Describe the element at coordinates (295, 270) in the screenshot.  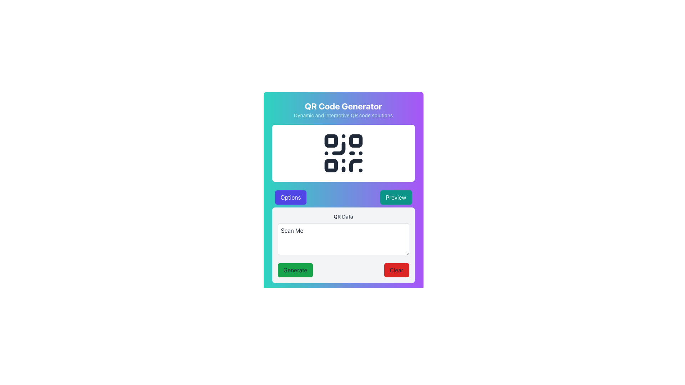
I see `the 'Generate' button, which is a green rectangular button with rounded corners located in the bottom-left corner of the QR code generation tools panel` at that location.